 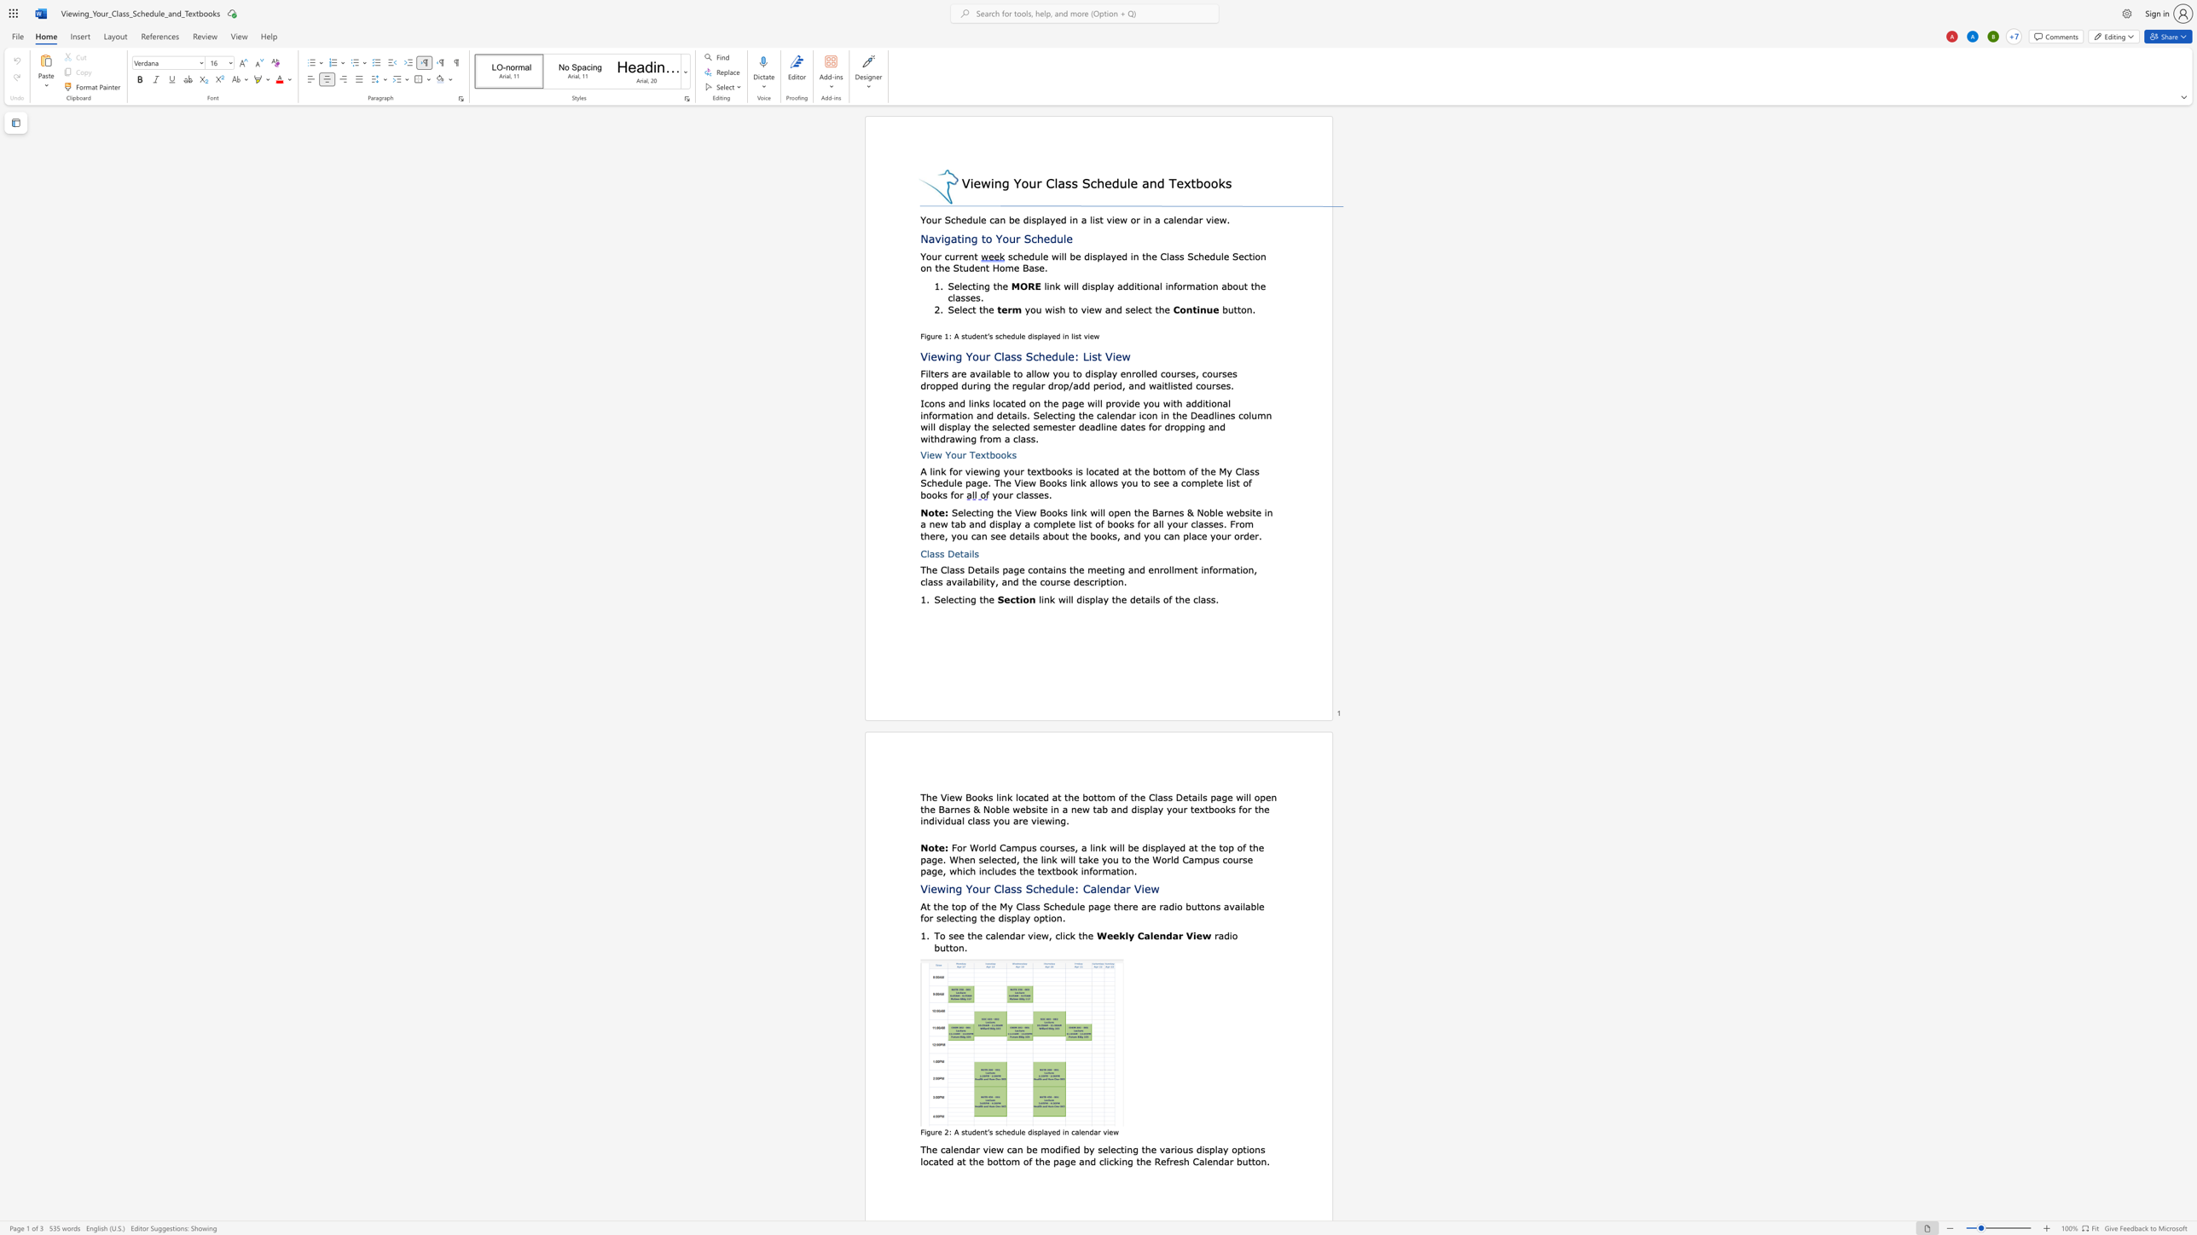 What do you see at coordinates (967, 256) in the screenshot?
I see `the space between the continuous character "e" and "n" in the text` at bounding box center [967, 256].